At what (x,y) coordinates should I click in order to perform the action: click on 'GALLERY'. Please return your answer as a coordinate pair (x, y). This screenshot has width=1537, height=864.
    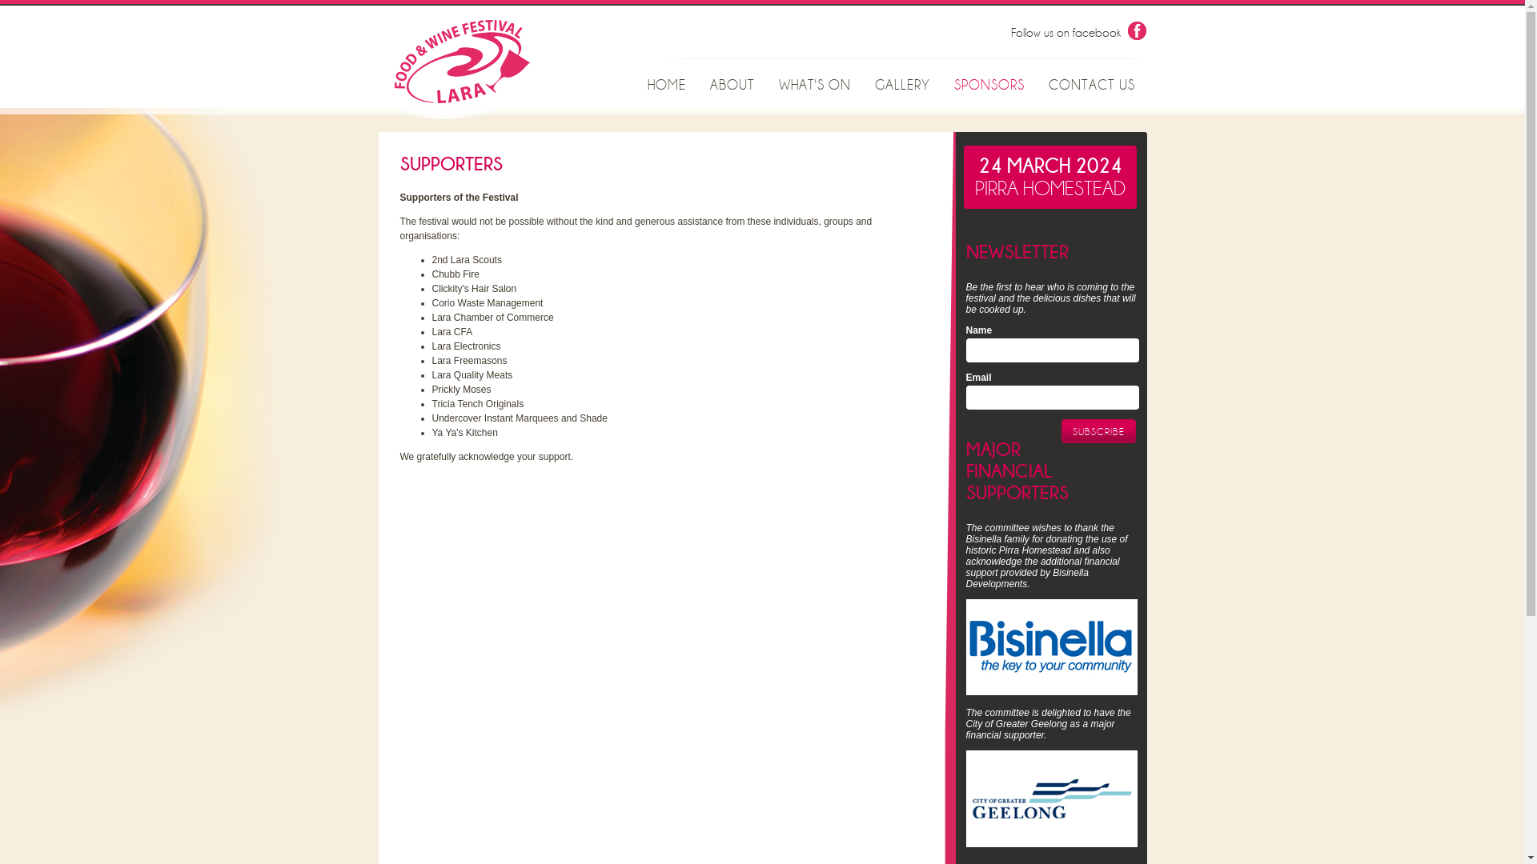
    Looking at the image, I should click on (862, 86).